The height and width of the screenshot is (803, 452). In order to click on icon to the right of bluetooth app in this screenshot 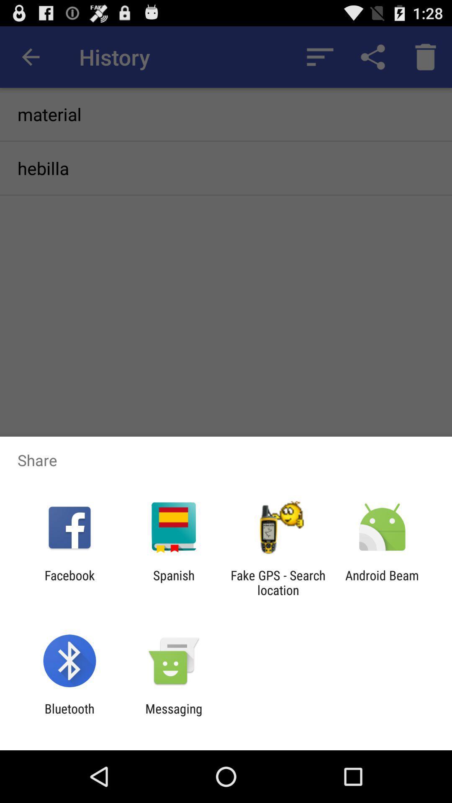, I will do `click(173, 716)`.